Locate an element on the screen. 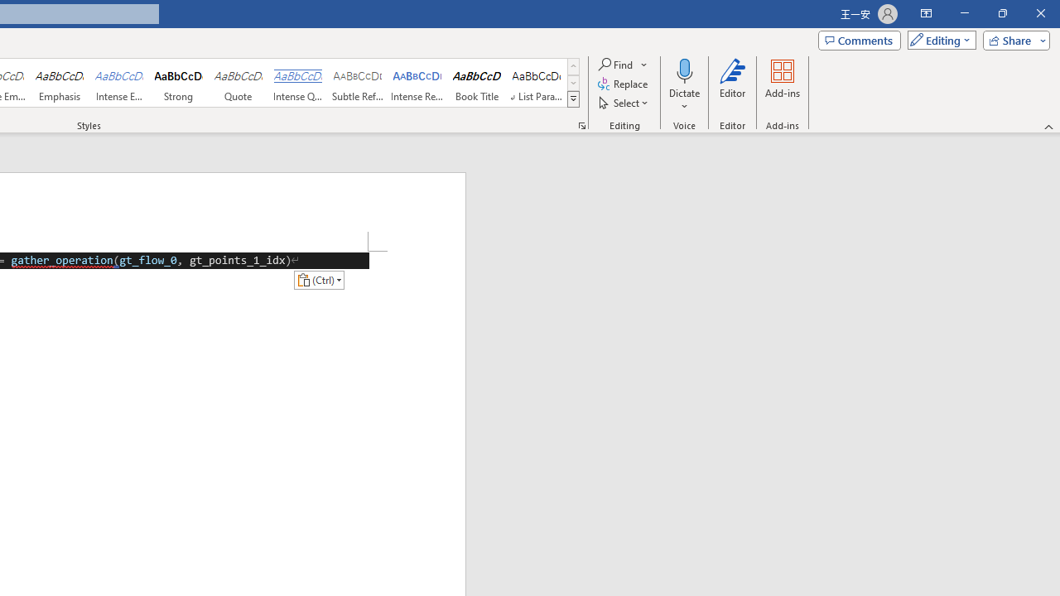 The height and width of the screenshot is (596, 1060). 'Book Title' is located at coordinates (476, 83).